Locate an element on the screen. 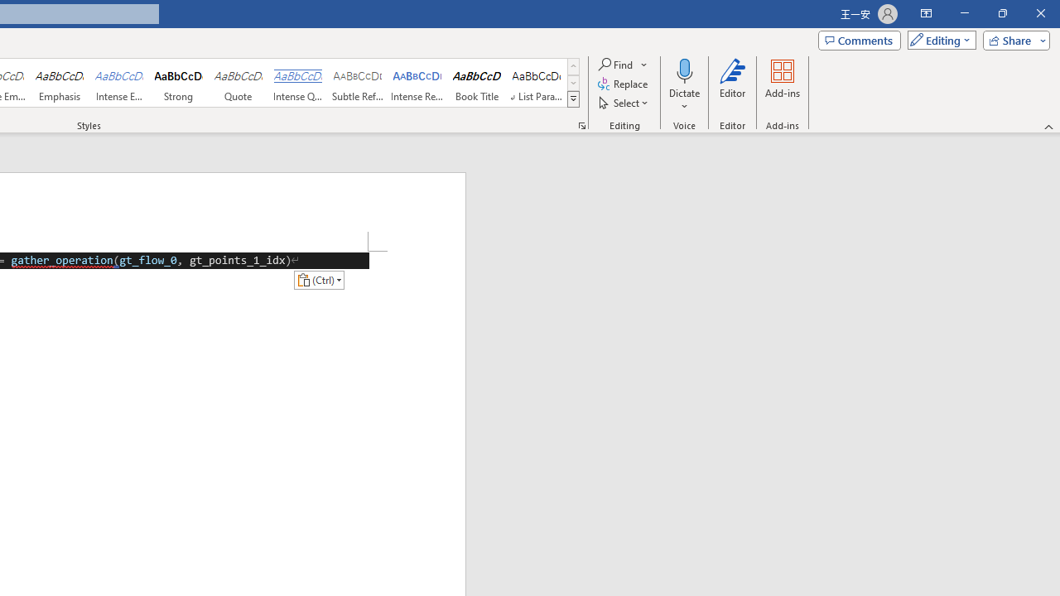 The height and width of the screenshot is (596, 1060). 'Book Title' is located at coordinates (476, 83).